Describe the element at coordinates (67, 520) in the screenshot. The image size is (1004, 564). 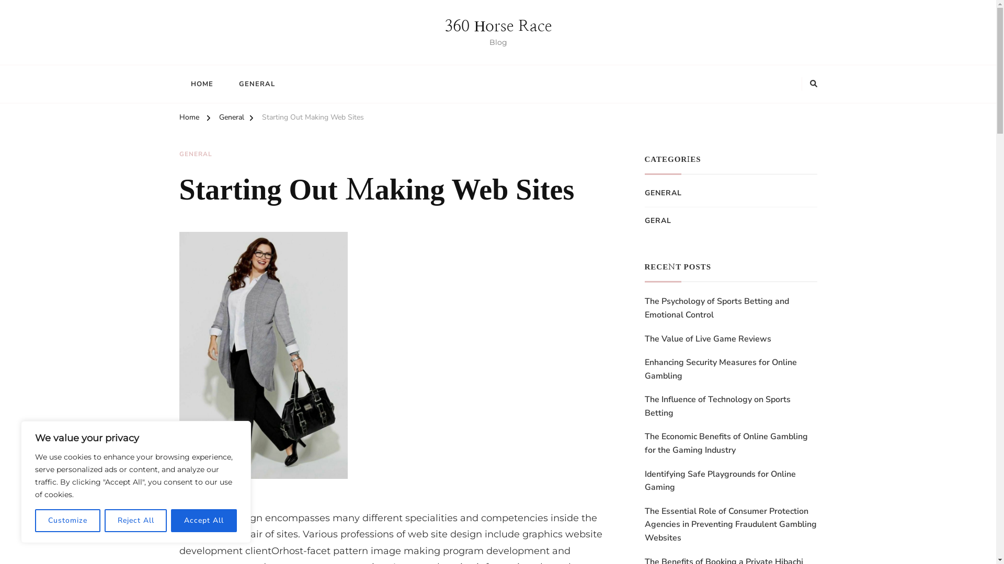
I see `'Customize'` at that location.